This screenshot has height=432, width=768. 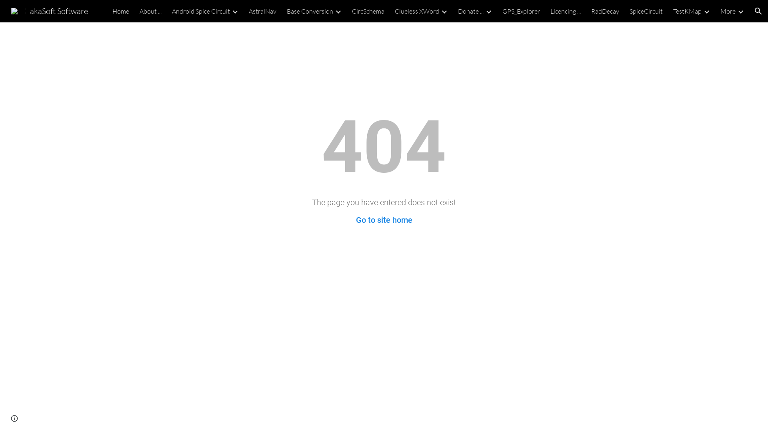 I want to click on 'Clueless XWord', so click(x=416, y=11).